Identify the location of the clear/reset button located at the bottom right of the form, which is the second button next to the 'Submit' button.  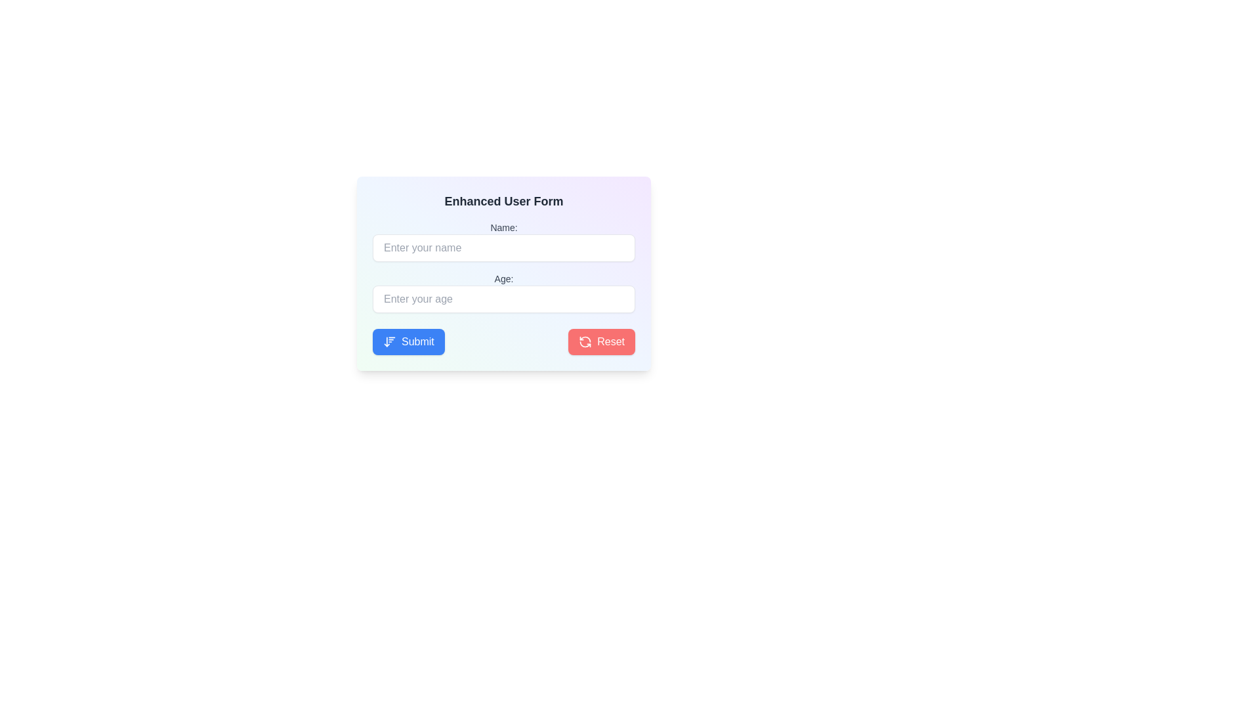
(601, 341).